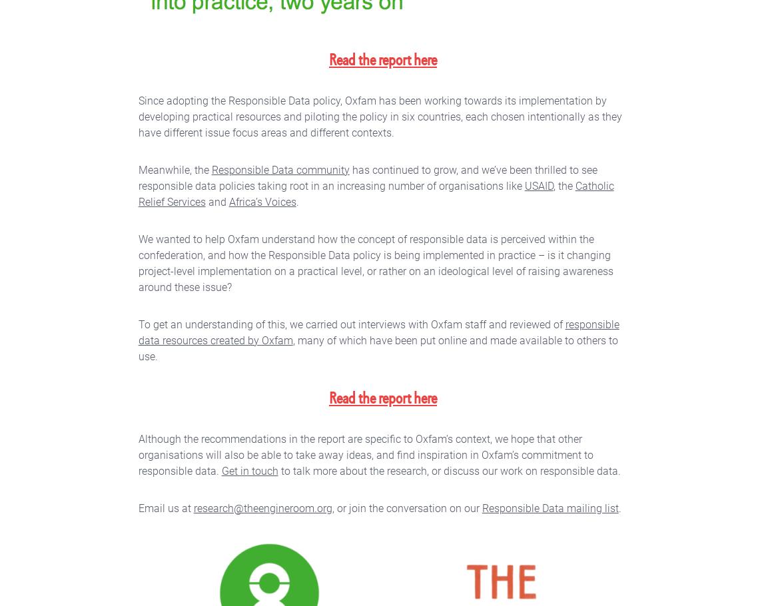 The height and width of the screenshot is (606, 766). Describe the element at coordinates (204, 201) in the screenshot. I see `'and'` at that location.